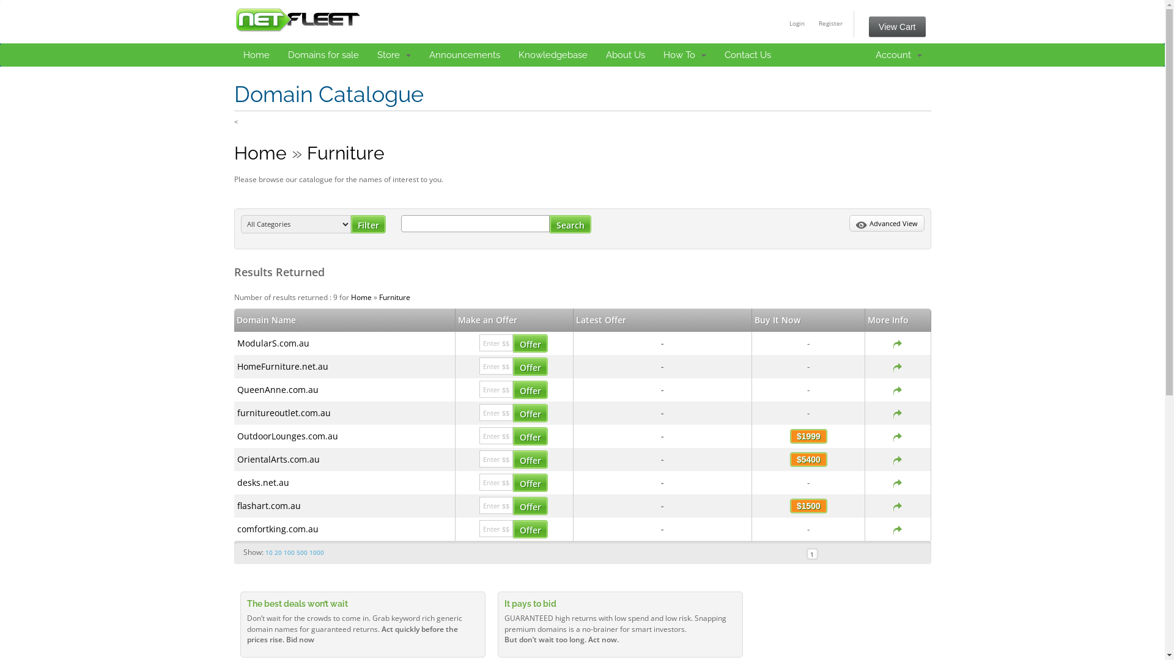 The width and height of the screenshot is (1174, 660). Describe the element at coordinates (898, 435) in the screenshot. I see `'View OutdoorLounges.com.au'` at that location.